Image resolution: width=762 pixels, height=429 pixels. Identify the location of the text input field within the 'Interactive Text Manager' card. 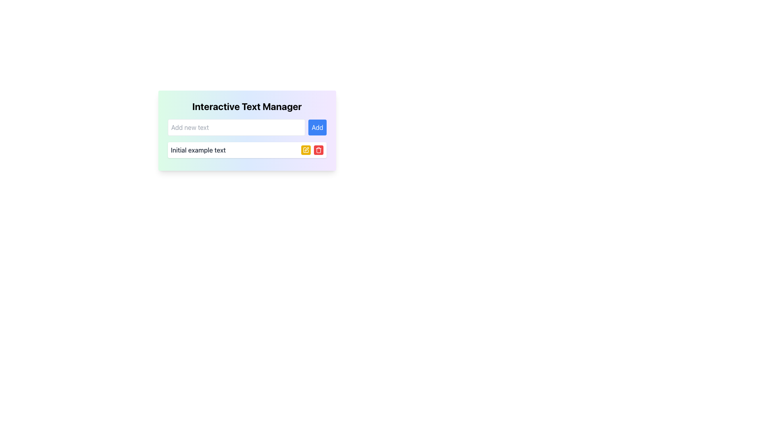
(246, 127).